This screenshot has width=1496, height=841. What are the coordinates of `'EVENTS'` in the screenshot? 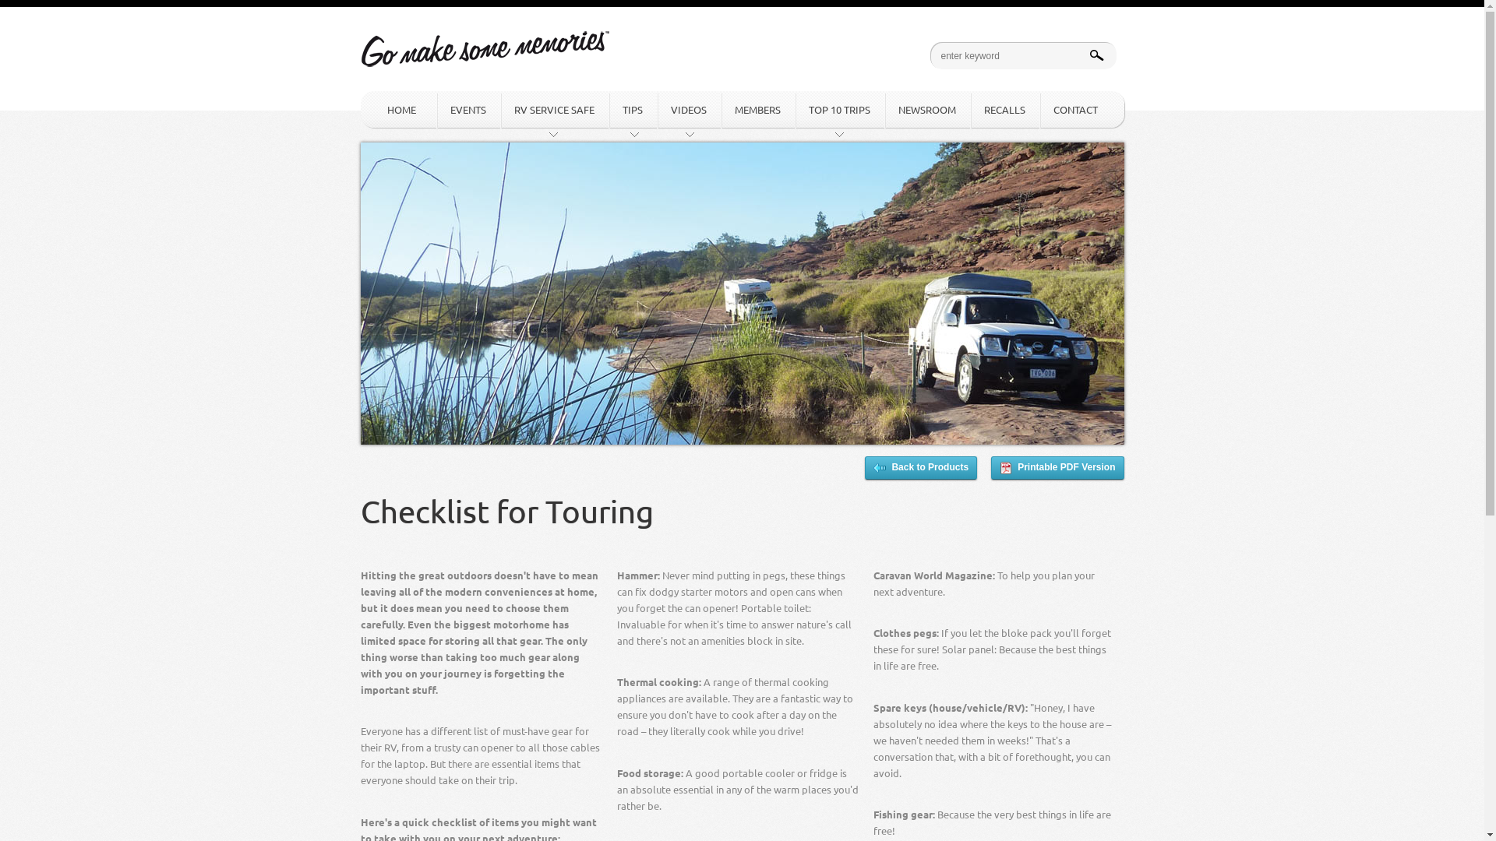 It's located at (436, 109).